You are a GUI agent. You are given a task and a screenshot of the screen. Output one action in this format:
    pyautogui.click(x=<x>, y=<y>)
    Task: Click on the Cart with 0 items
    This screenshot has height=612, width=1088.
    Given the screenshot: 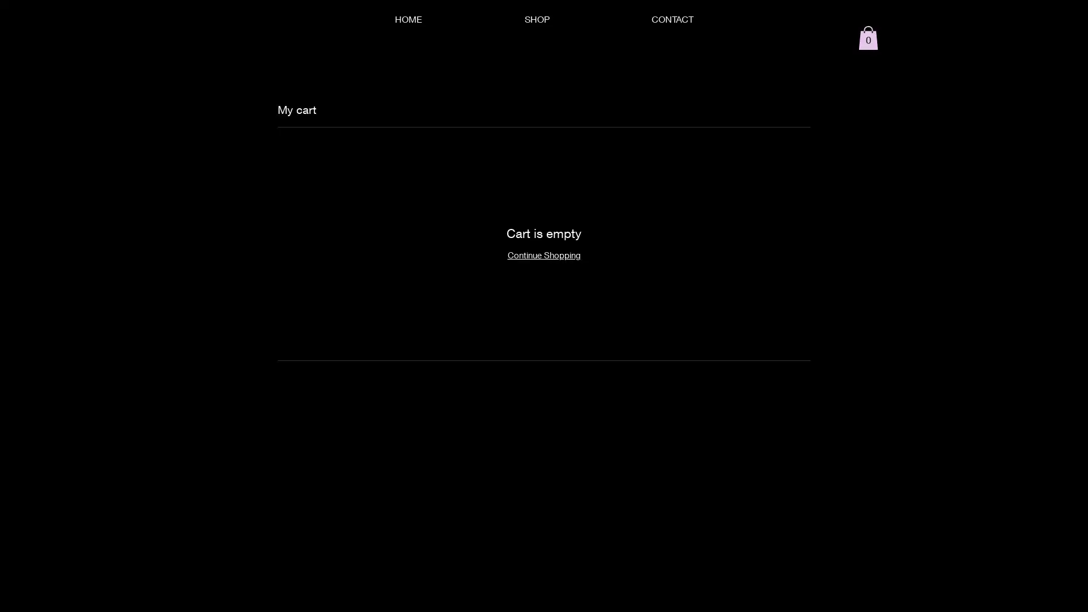 What is the action you would take?
    pyautogui.click(x=868, y=37)
    